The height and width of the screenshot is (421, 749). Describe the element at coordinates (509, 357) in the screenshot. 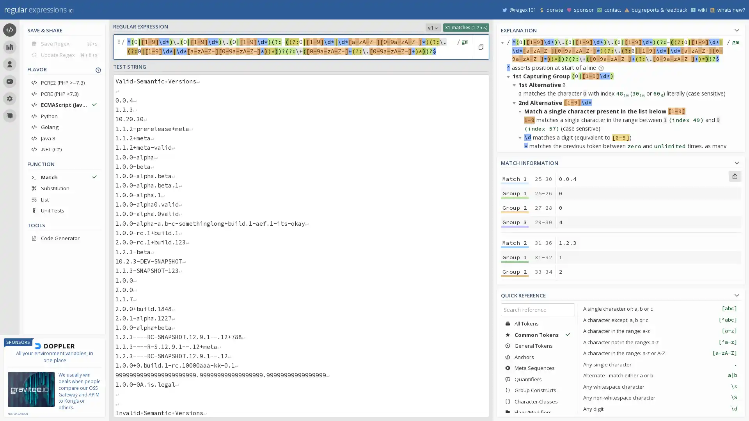

I see `Collapse Subtree` at that location.